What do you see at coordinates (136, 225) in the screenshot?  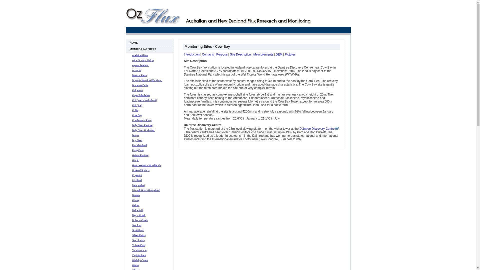 I see `'Samford'` at bounding box center [136, 225].